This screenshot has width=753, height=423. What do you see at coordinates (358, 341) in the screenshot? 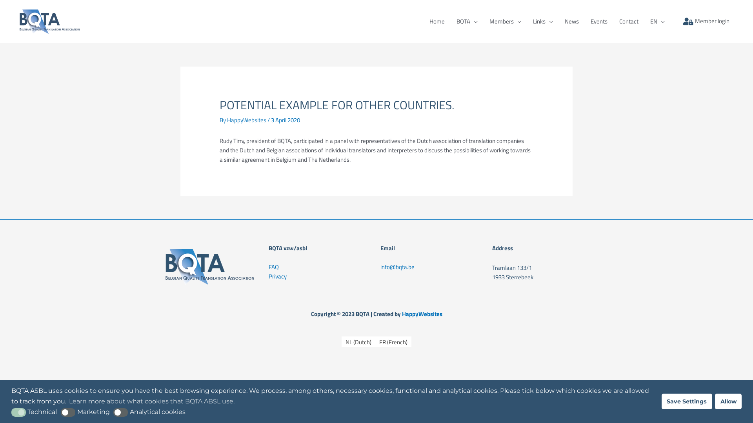
I see `'NL (Dutch)'` at bounding box center [358, 341].